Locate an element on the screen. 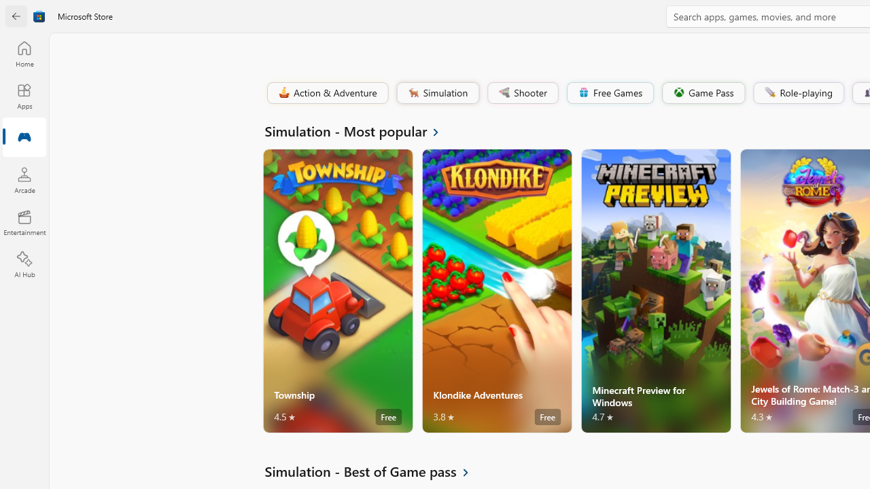 This screenshot has height=489, width=870. 'Arcade' is located at coordinates (24, 179).